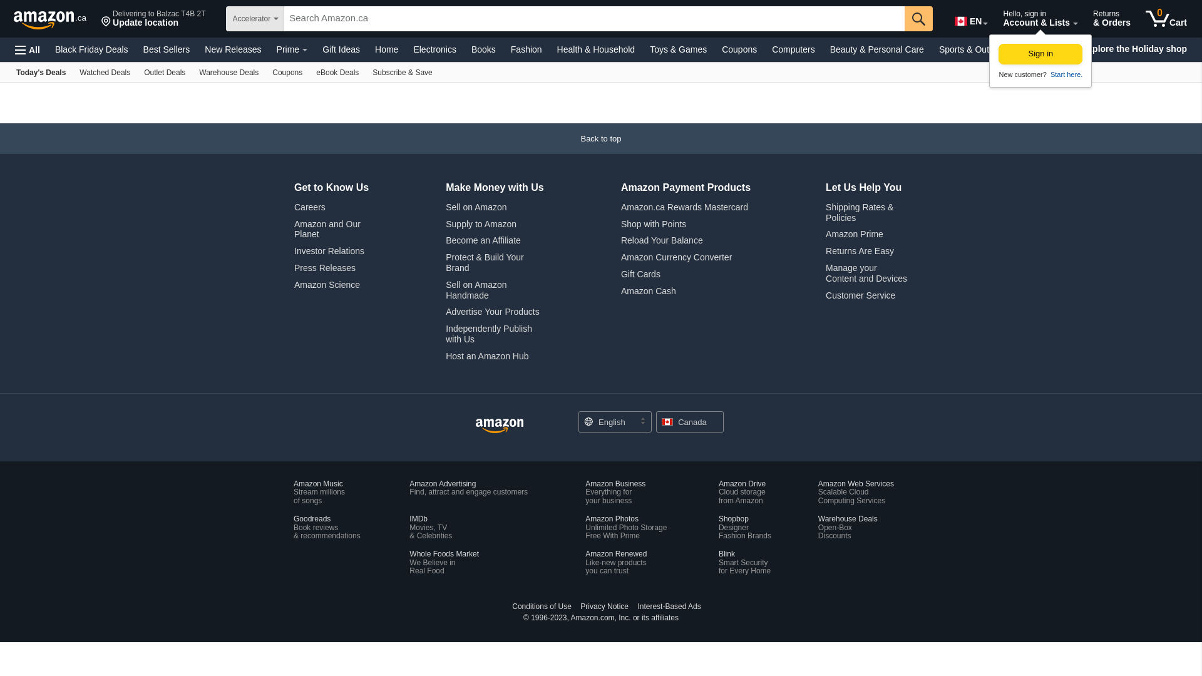  Describe the element at coordinates (932, 48) in the screenshot. I see `'Sports & Outdoors'` at that location.